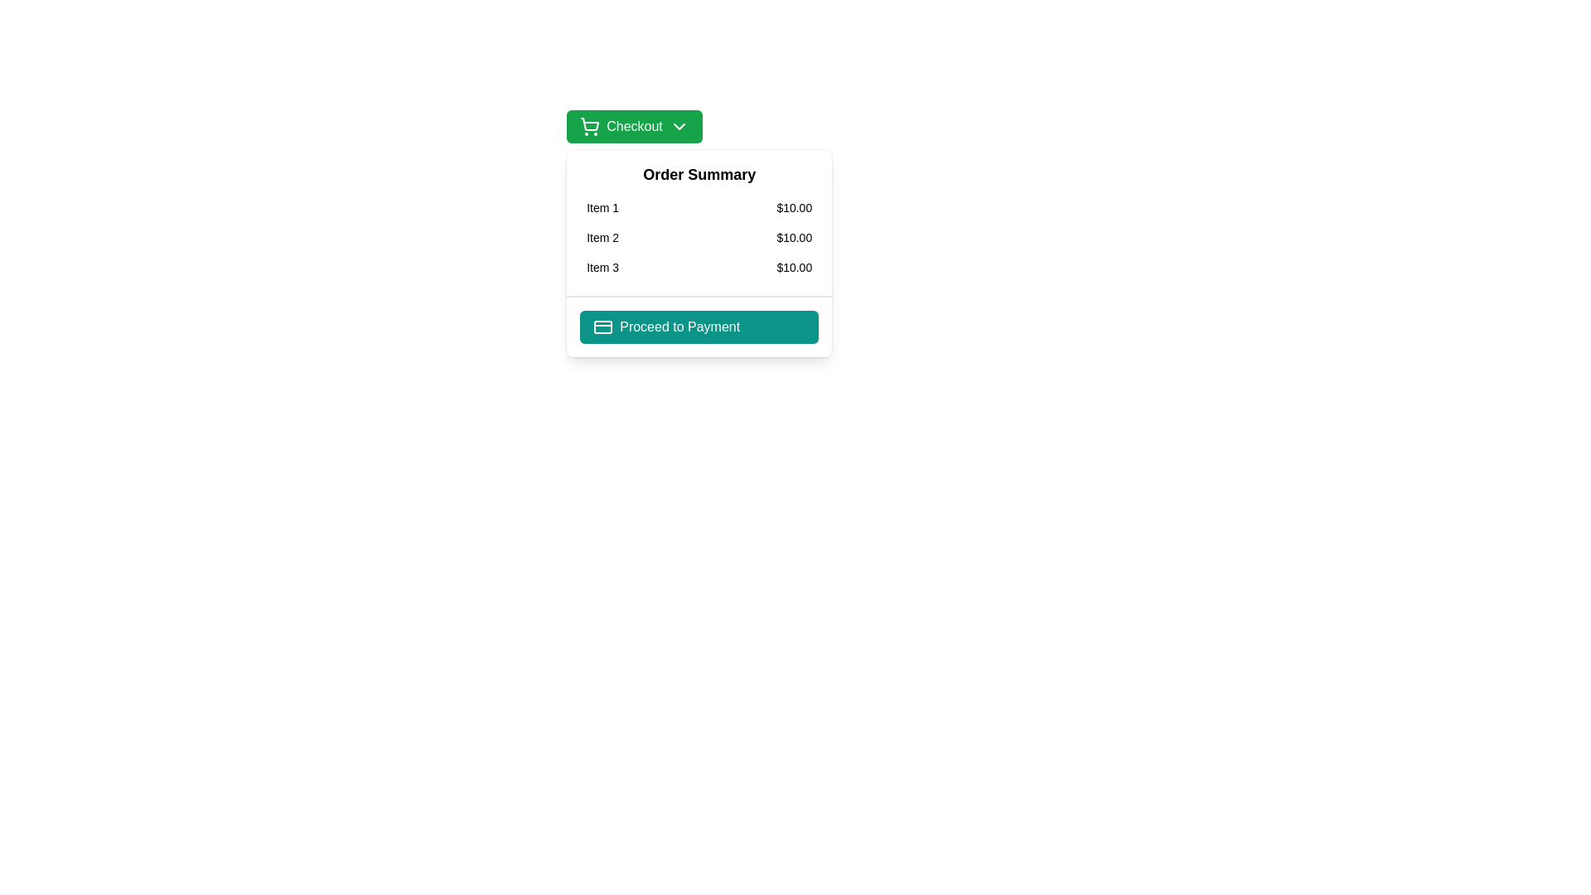 The width and height of the screenshot is (1591, 895). I want to click on the third item in the 'Order Summary' list, which displays 'Item 3' priced at '$10.00', so click(699, 267).